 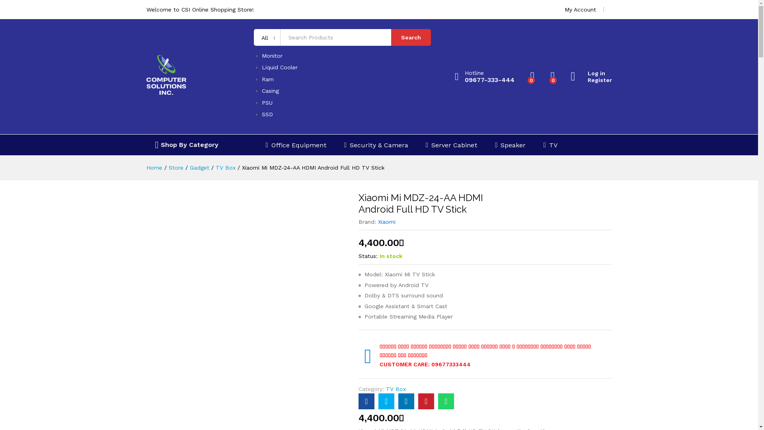 I want to click on 'Ram', so click(x=267, y=79).